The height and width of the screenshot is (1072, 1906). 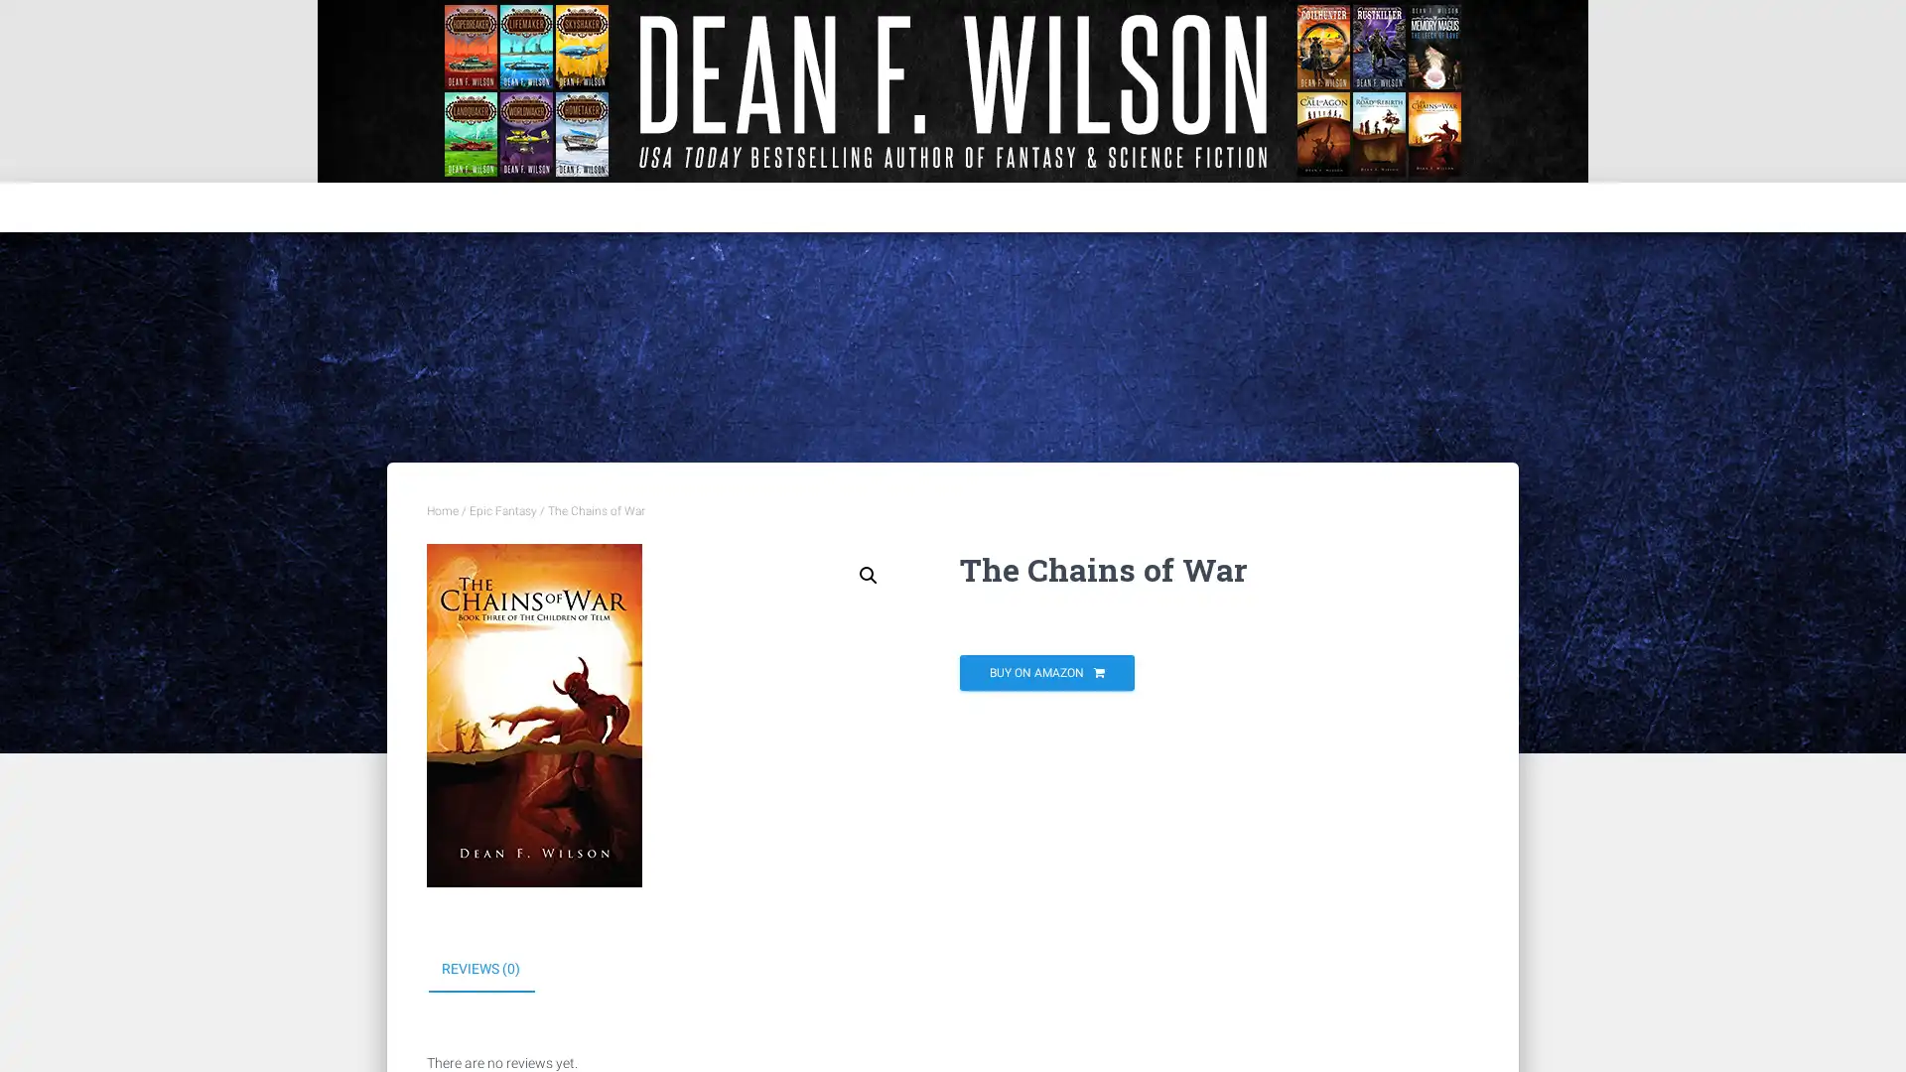 What do you see at coordinates (1046, 672) in the screenshot?
I see `BUY ON AMAZON` at bounding box center [1046, 672].